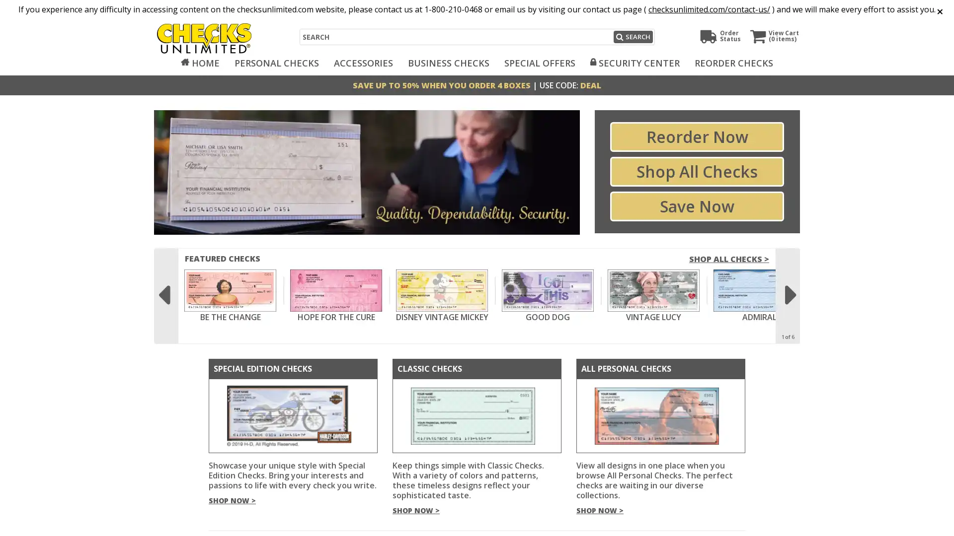  What do you see at coordinates (790, 289) in the screenshot?
I see `Next` at bounding box center [790, 289].